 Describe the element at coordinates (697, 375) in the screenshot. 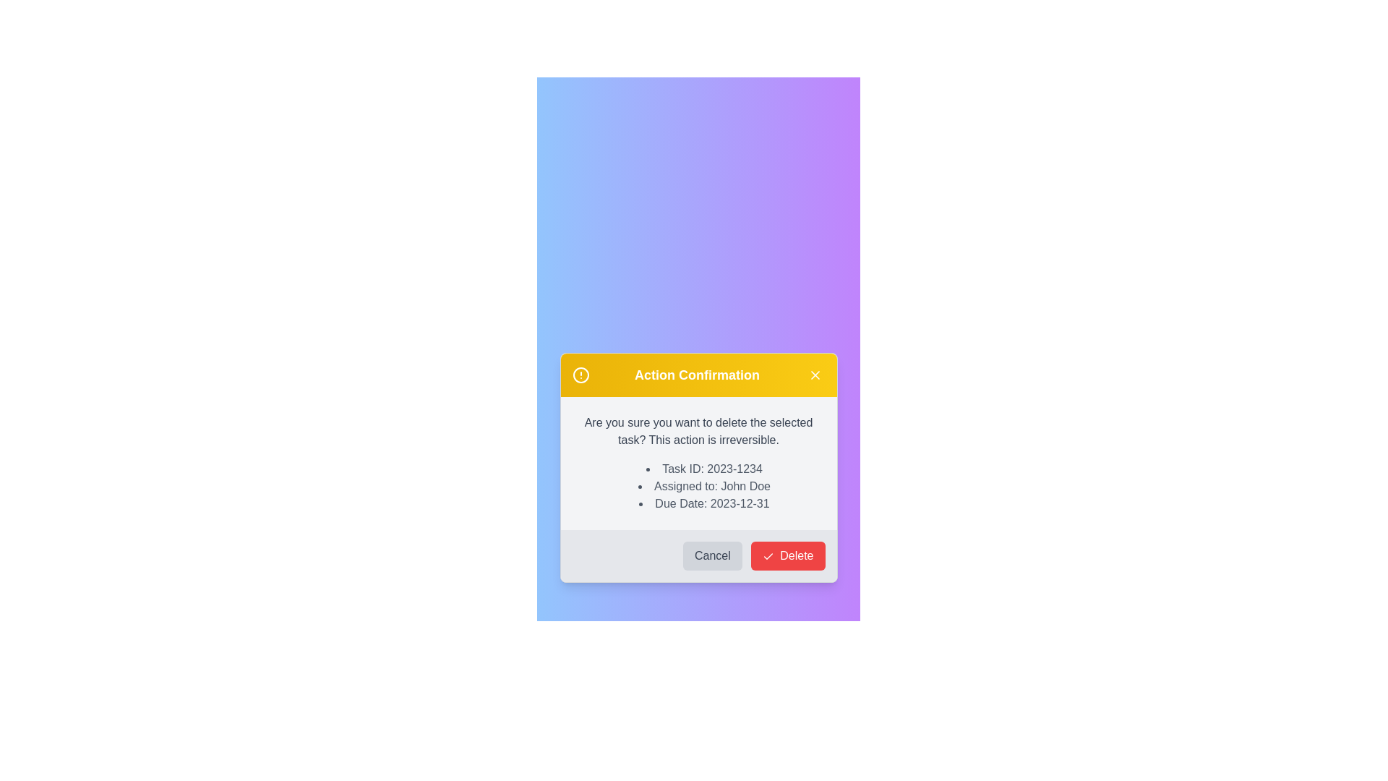

I see `the 'Action Confirmation' title text in the center of the yellow header bar, located between the warning icon and the close button` at that location.